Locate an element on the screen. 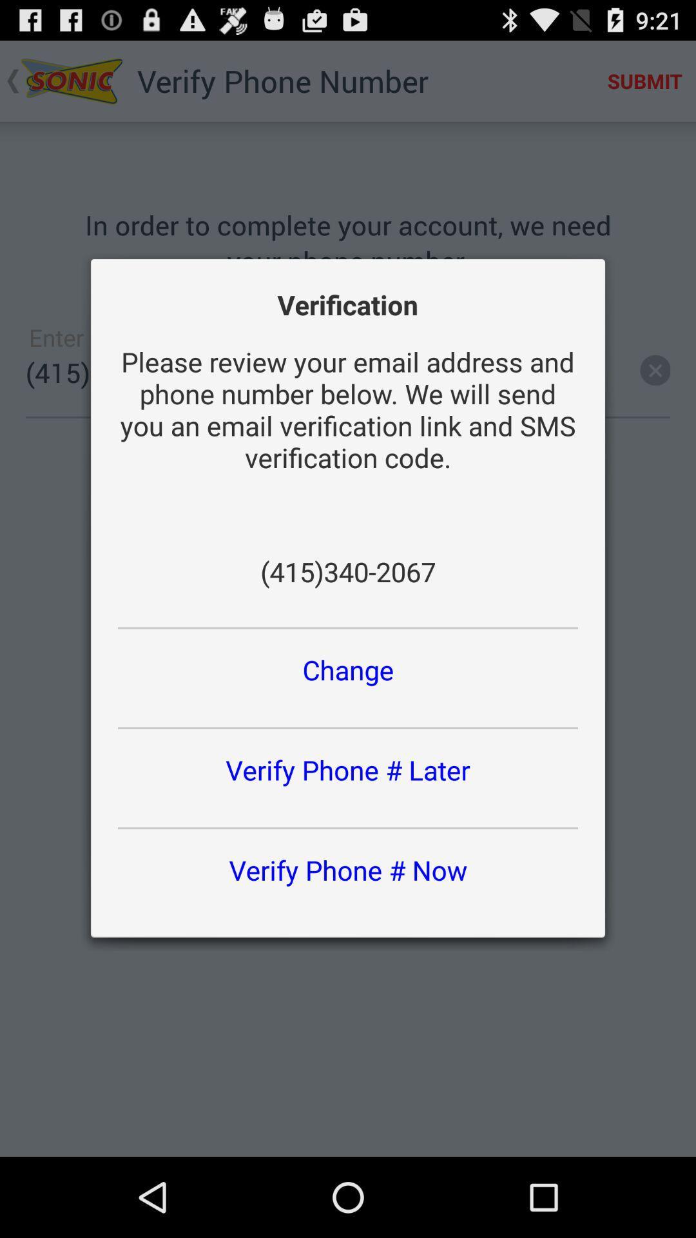 Image resolution: width=696 pixels, height=1238 pixels. change button is located at coordinates (348, 669).